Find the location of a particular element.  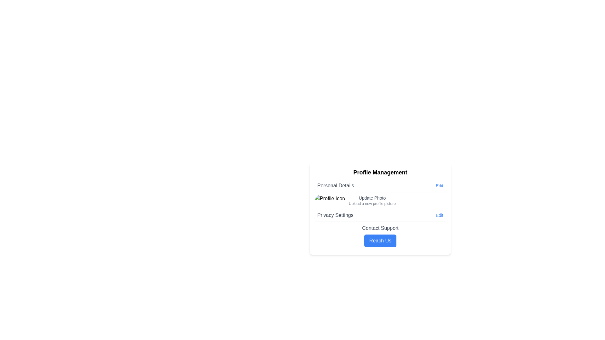

the Information display element that features a profile icon and the text 'Update Photo' followed by 'Upload a new profile picture', located in the 'Profile Management' section is located at coordinates (380, 200).